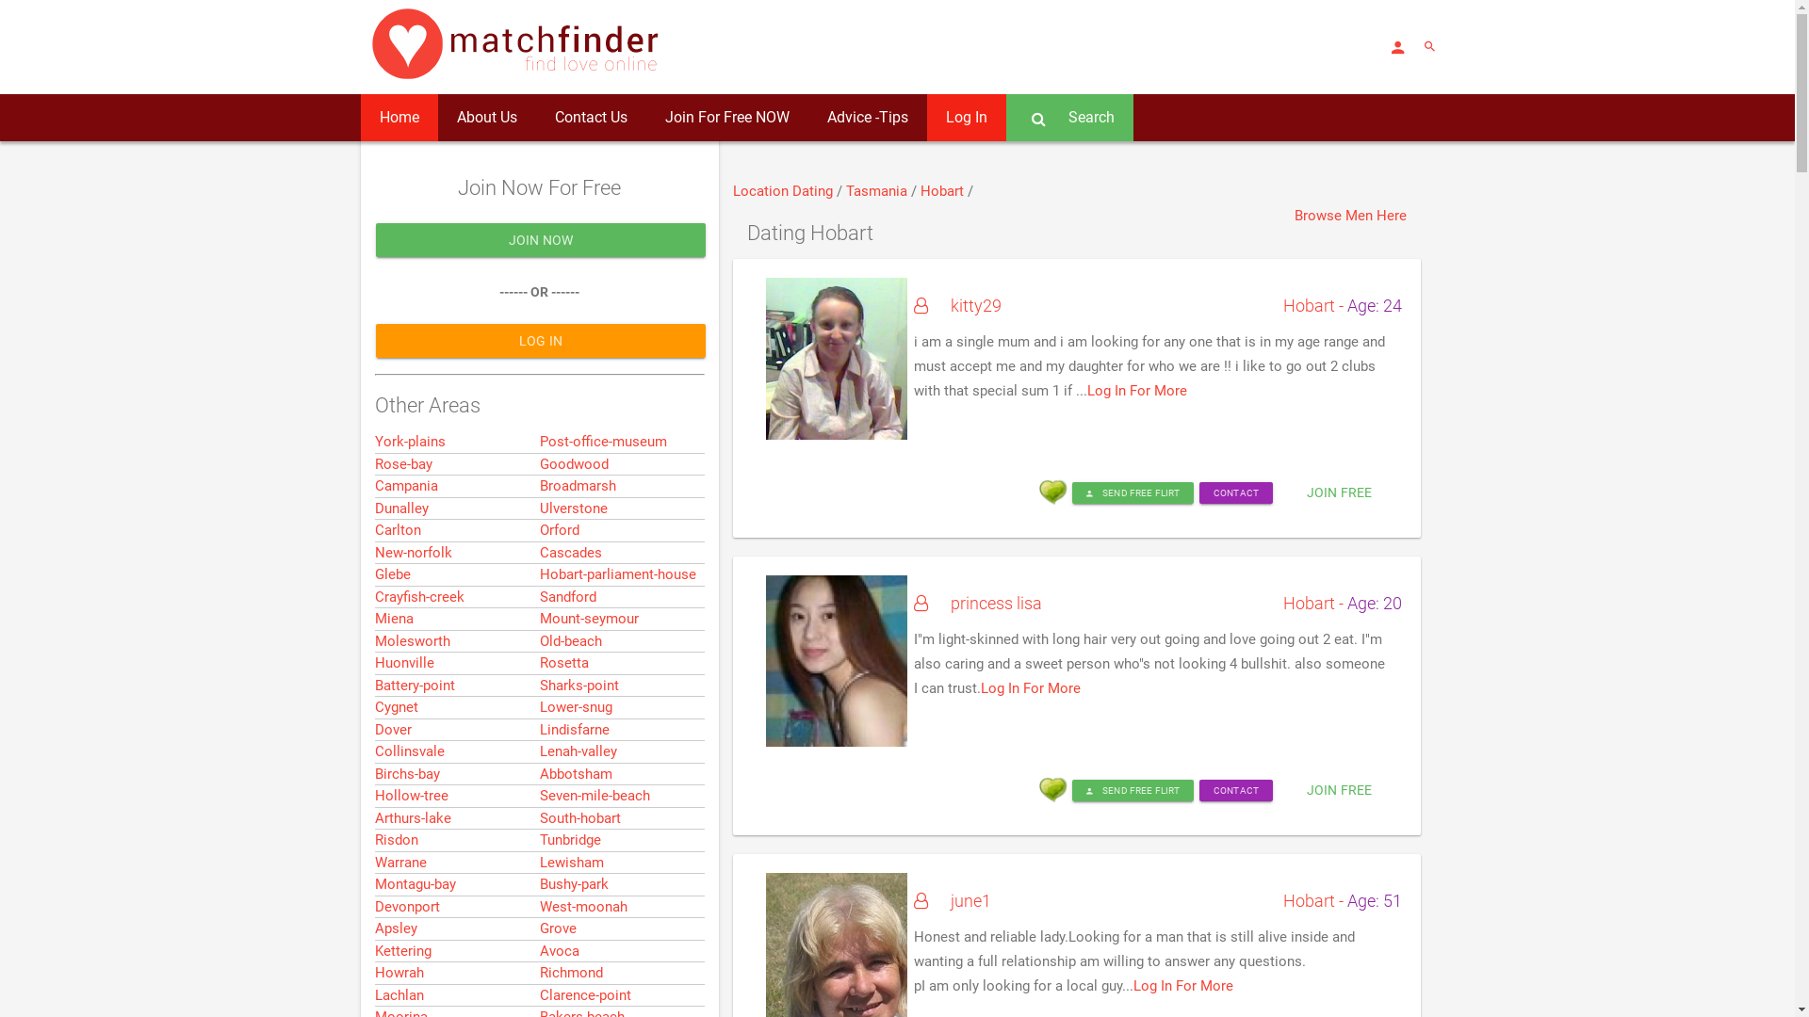 The image size is (1809, 1017). What do you see at coordinates (375, 928) in the screenshot?
I see `'Apsley'` at bounding box center [375, 928].